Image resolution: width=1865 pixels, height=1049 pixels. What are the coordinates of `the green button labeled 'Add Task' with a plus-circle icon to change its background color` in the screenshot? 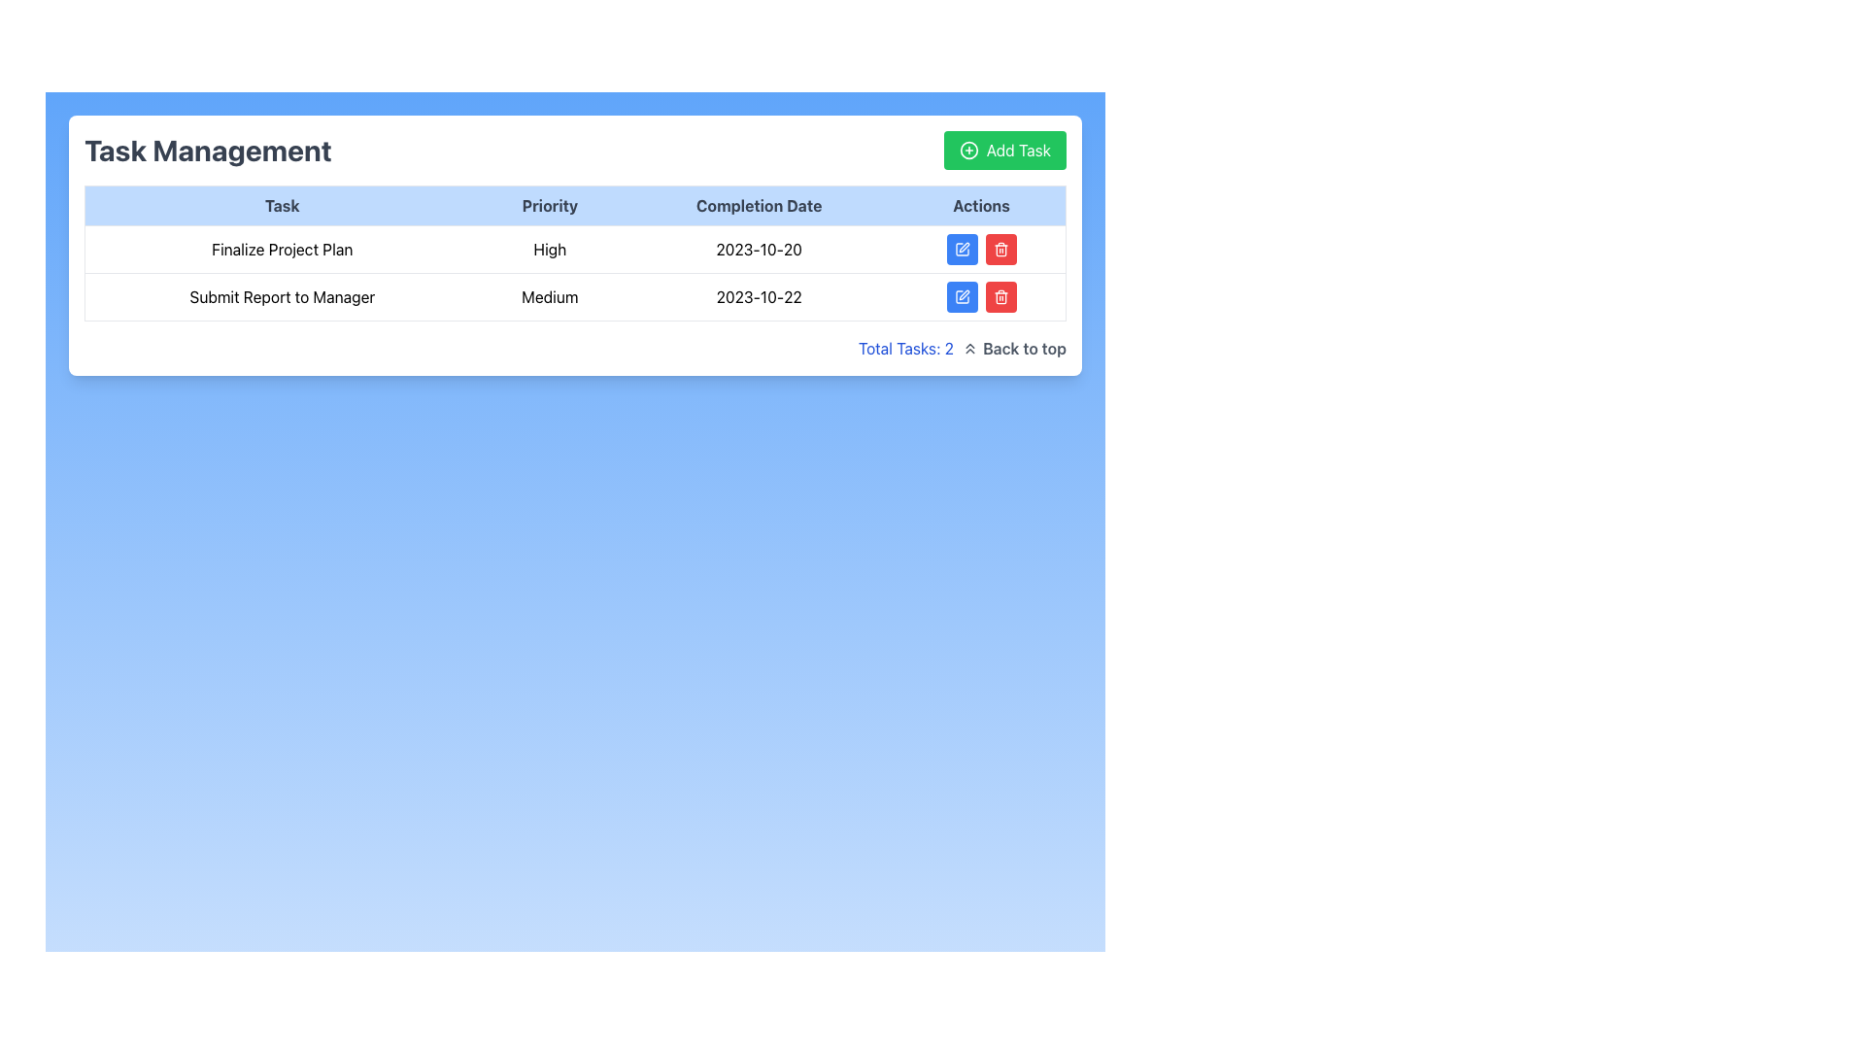 It's located at (1004, 149).